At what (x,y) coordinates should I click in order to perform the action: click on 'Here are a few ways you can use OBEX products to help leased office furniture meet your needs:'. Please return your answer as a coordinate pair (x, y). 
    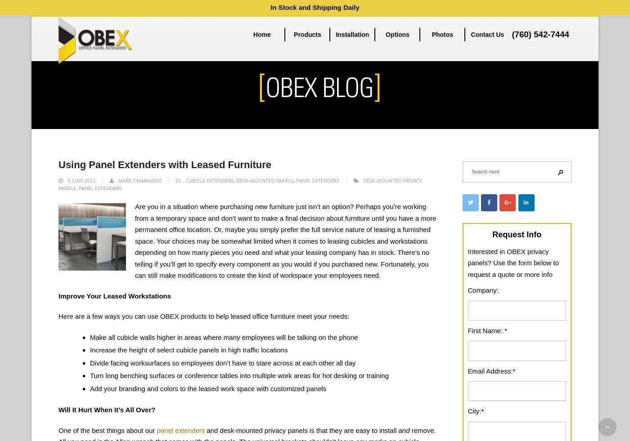
    Looking at the image, I should click on (203, 316).